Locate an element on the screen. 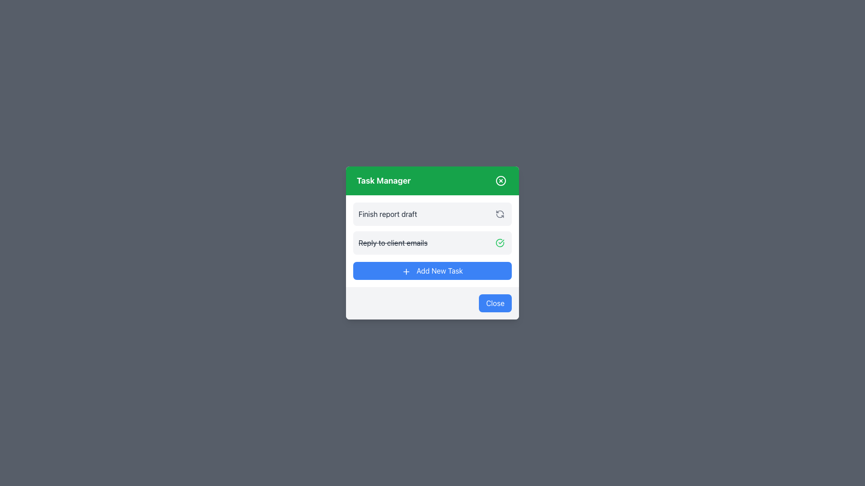 This screenshot has height=486, width=865. the text label displaying 'Finish report draft' which is located in a light gray rectangular area at the top of the task listing section is located at coordinates (387, 214).